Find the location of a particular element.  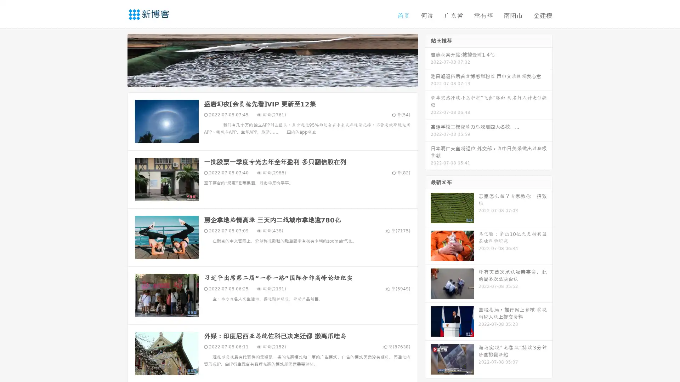

Go to slide 2 is located at coordinates (272, 80).